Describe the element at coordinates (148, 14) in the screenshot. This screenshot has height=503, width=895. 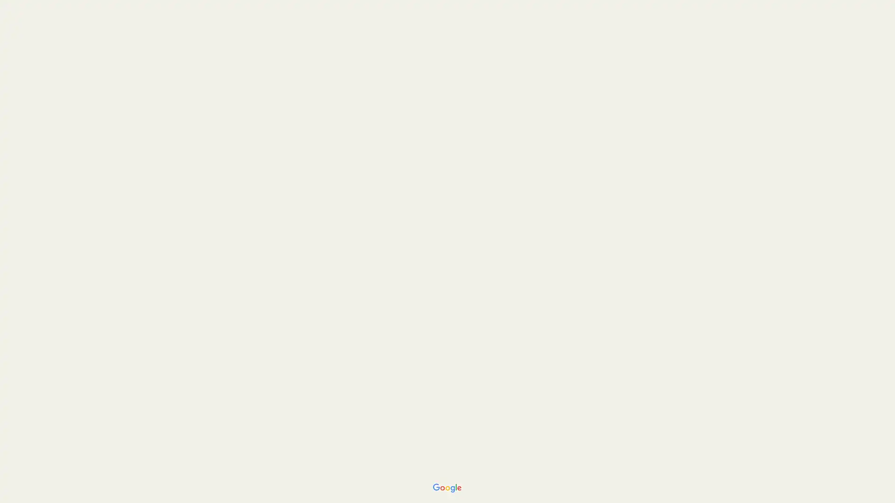
I see `Search` at that location.